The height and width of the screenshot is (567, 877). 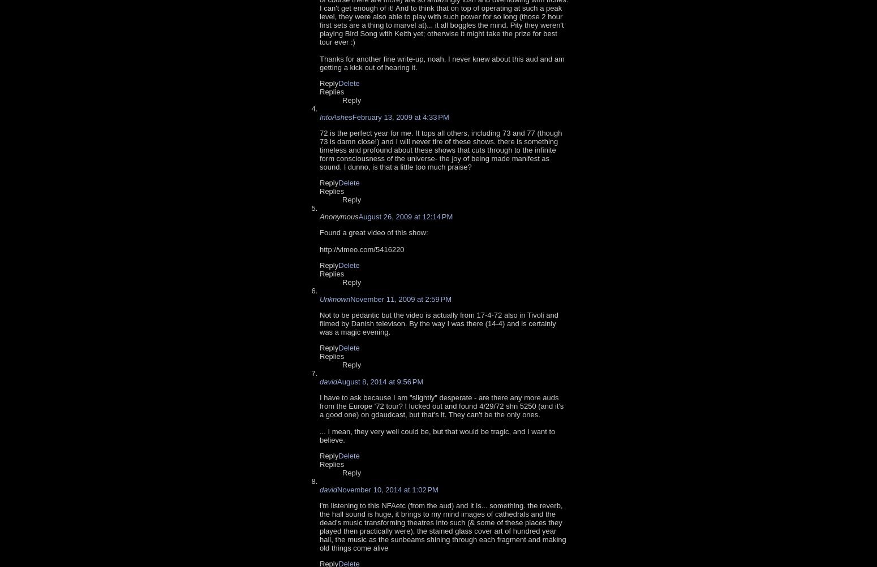 What do you see at coordinates (400, 116) in the screenshot?
I see `'February 13, 2009 at 4:33 PM'` at bounding box center [400, 116].